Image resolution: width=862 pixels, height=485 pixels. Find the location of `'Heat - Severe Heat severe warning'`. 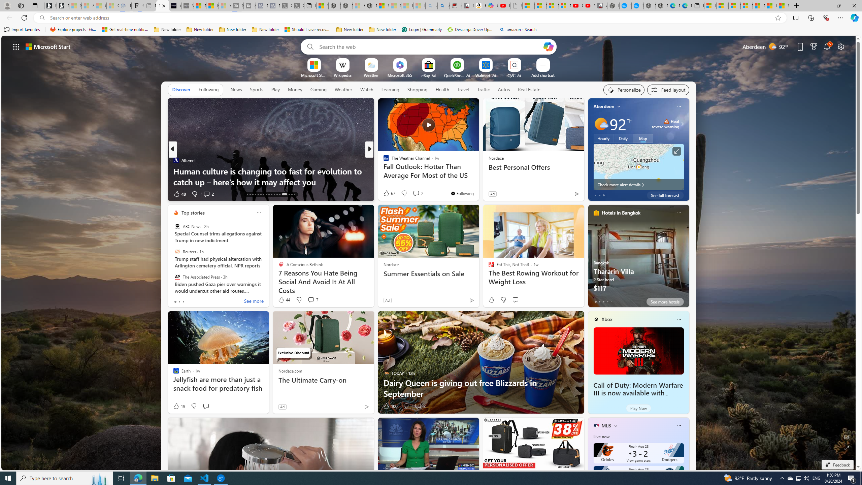

'Heat - Severe Heat severe warning' is located at coordinates (665, 124).